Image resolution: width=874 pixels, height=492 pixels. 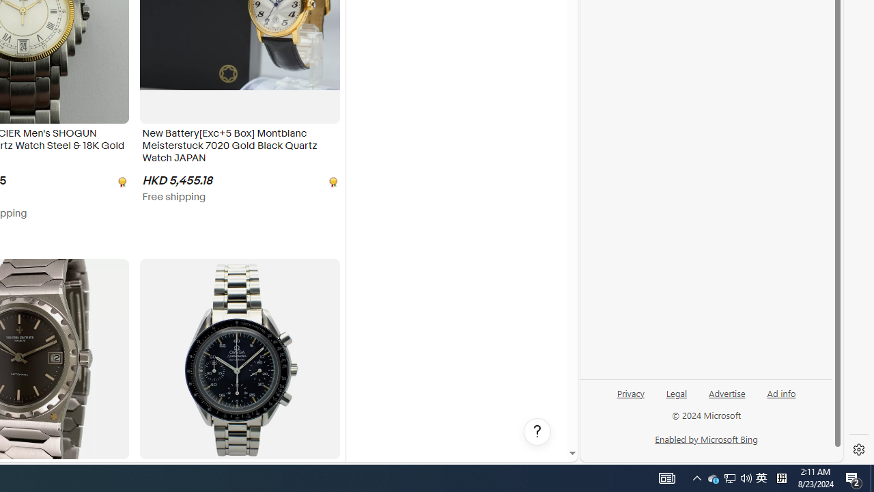 What do you see at coordinates (332, 180) in the screenshot?
I see `'[object Undefined]'` at bounding box center [332, 180].